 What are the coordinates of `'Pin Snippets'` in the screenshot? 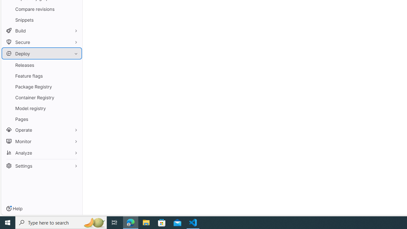 It's located at (74, 19).